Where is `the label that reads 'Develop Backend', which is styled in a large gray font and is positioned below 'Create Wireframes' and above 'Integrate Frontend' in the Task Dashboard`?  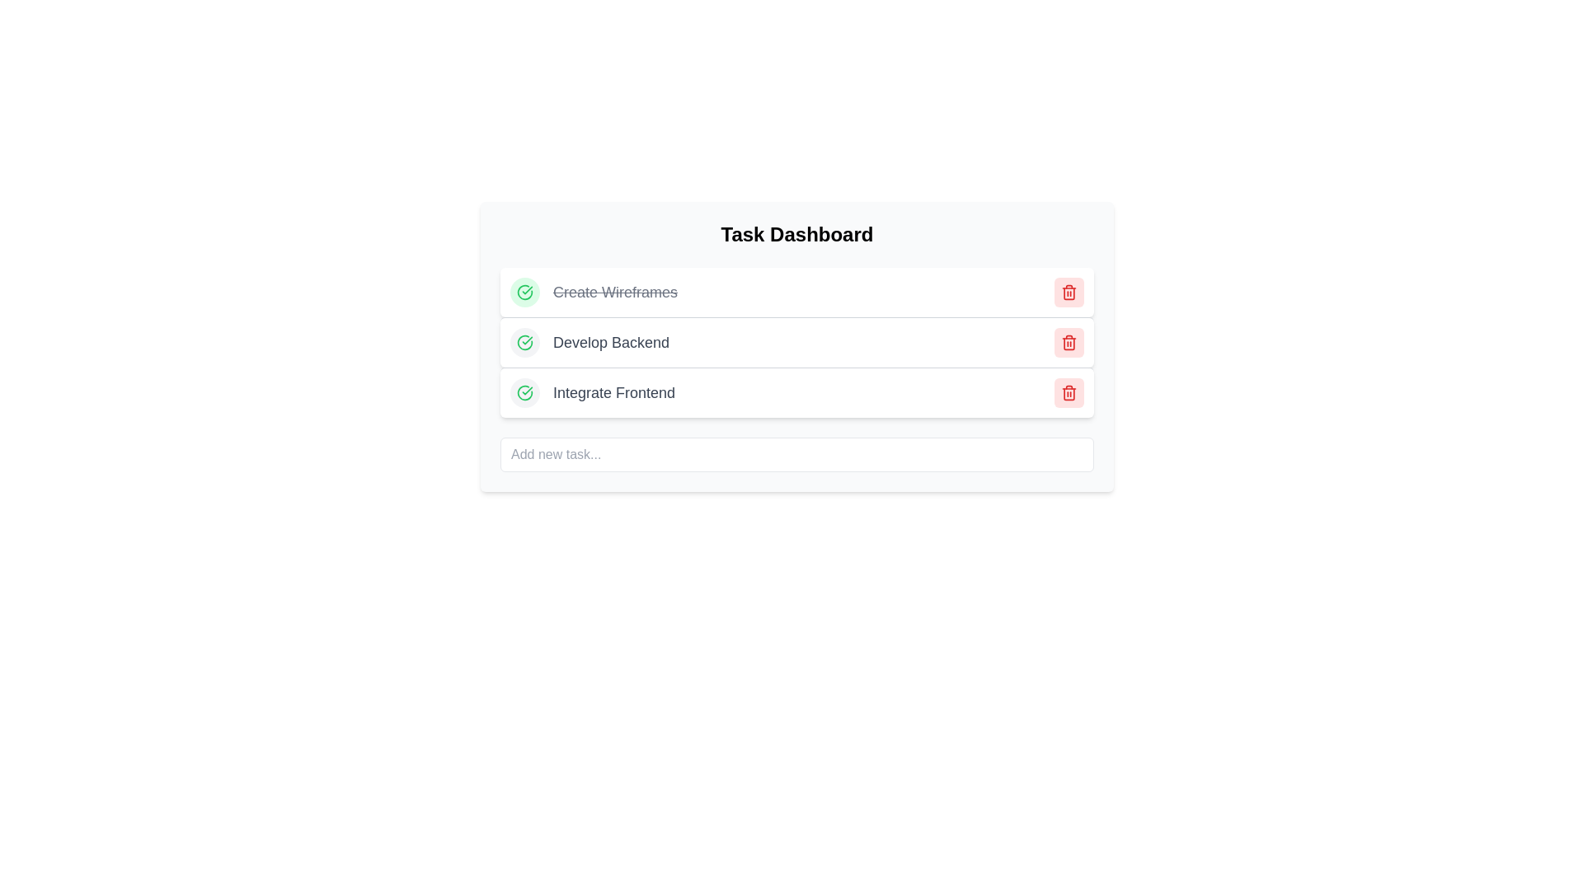
the label that reads 'Develop Backend', which is styled in a large gray font and is positioned below 'Create Wireframes' and above 'Integrate Frontend' in the Task Dashboard is located at coordinates (590, 342).